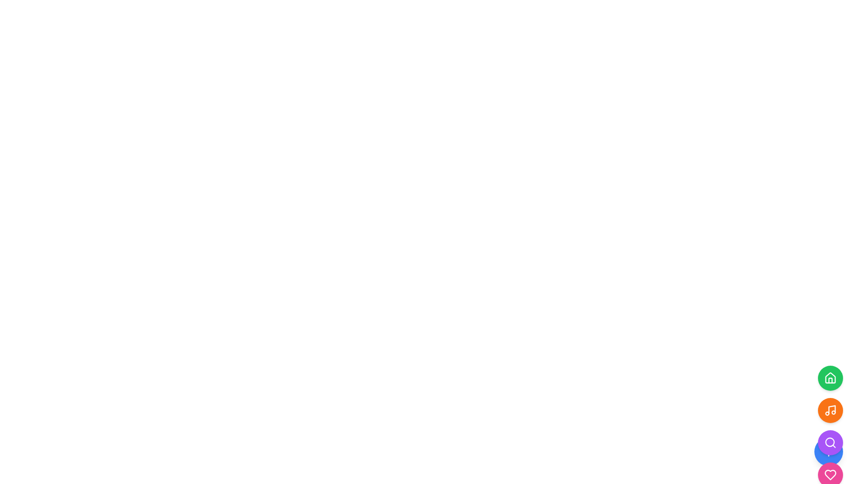  Describe the element at coordinates (830, 475) in the screenshot. I see `the heart-shaped icon button located at the bottom of the vertical stack of circular buttons on the far right of the interface` at that location.